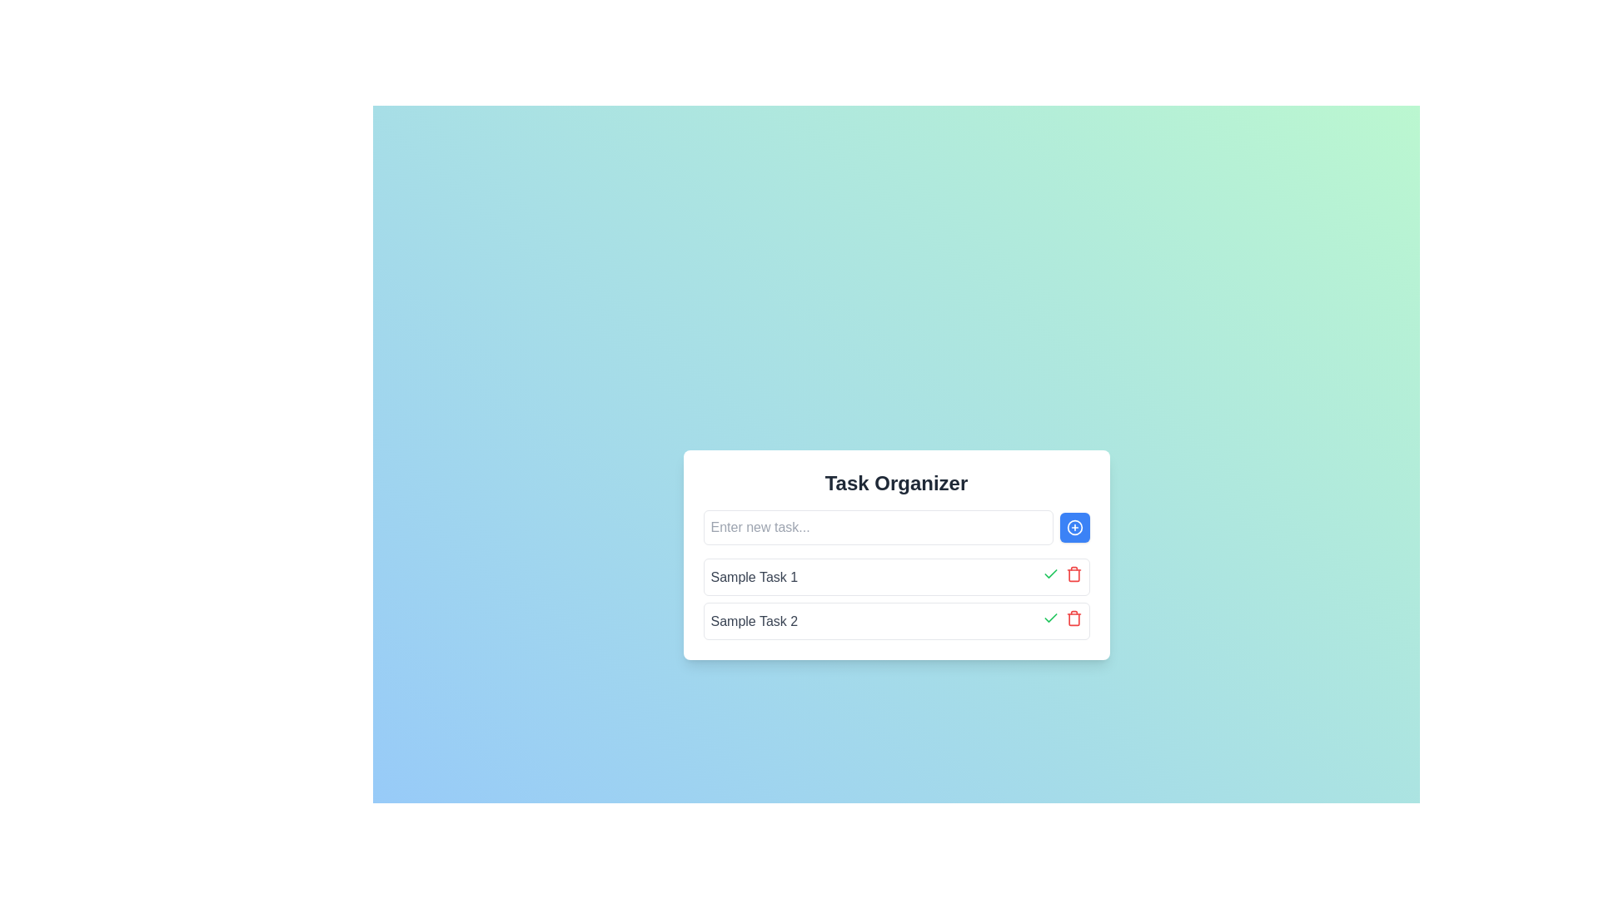  What do you see at coordinates (753, 576) in the screenshot?
I see `the text label representing the first task item in the task organizer application` at bounding box center [753, 576].